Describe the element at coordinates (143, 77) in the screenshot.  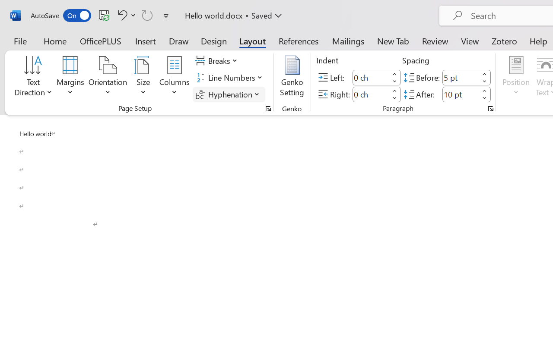
I see `'Size'` at that location.